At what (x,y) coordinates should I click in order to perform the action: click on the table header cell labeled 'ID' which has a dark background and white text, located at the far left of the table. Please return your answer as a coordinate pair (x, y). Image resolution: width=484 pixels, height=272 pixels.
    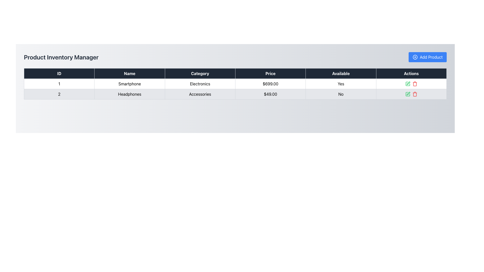
    Looking at the image, I should click on (59, 74).